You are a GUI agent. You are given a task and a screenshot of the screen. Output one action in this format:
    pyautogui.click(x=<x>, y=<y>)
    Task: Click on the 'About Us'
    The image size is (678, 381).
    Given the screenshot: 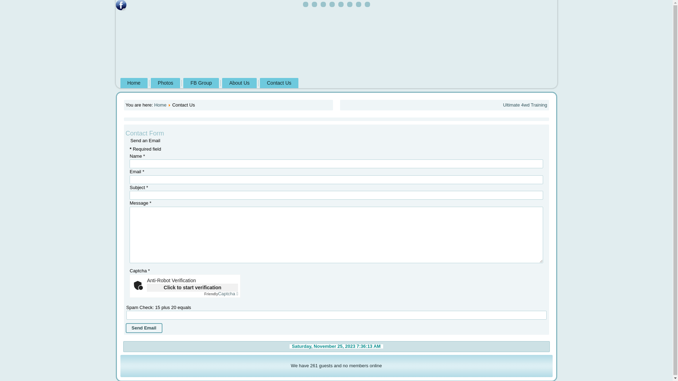 What is the action you would take?
    pyautogui.click(x=239, y=83)
    